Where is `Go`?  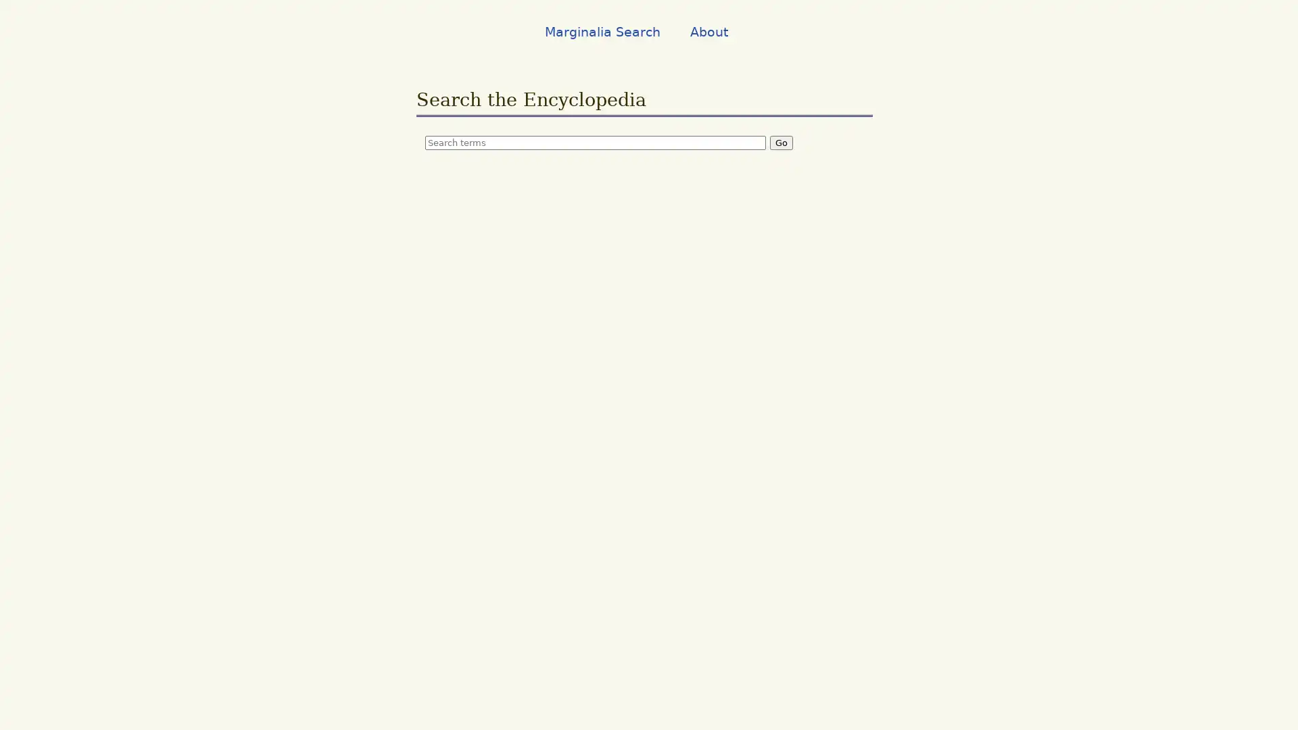
Go is located at coordinates (782, 142).